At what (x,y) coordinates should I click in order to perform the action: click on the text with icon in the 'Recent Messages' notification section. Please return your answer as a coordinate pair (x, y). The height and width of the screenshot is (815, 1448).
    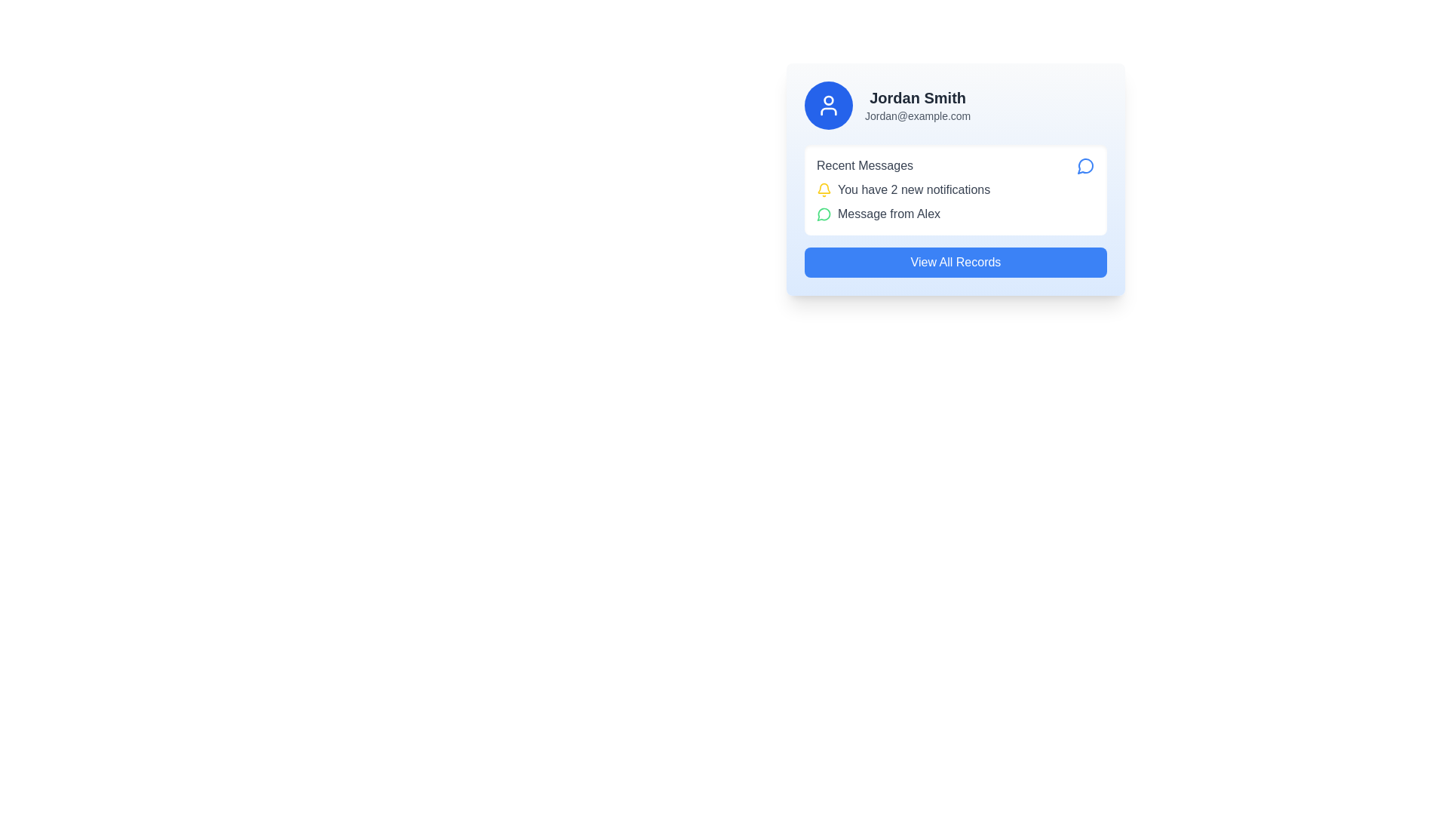
    Looking at the image, I should click on (955, 189).